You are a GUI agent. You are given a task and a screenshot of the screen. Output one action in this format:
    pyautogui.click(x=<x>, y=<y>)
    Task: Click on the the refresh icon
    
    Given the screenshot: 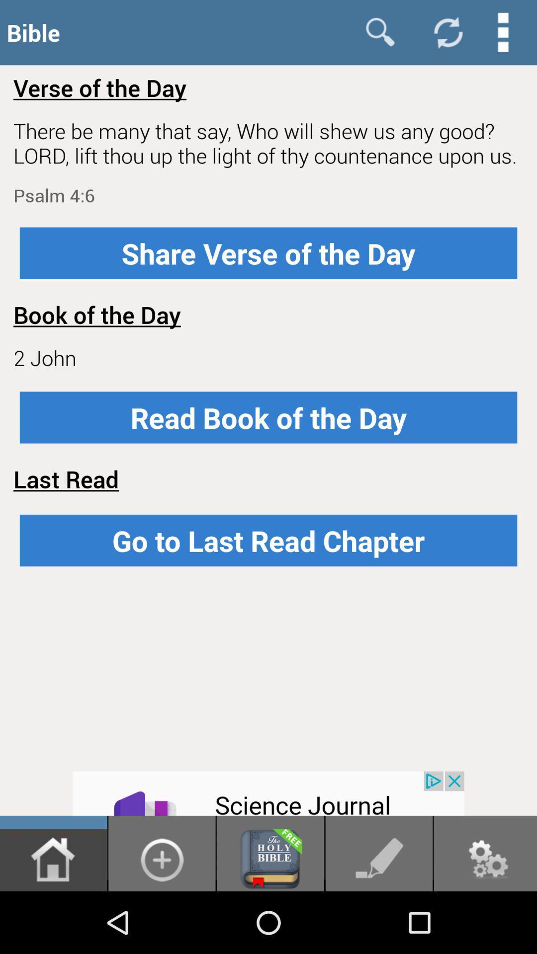 What is the action you would take?
    pyautogui.click(x=448, y=34)
    